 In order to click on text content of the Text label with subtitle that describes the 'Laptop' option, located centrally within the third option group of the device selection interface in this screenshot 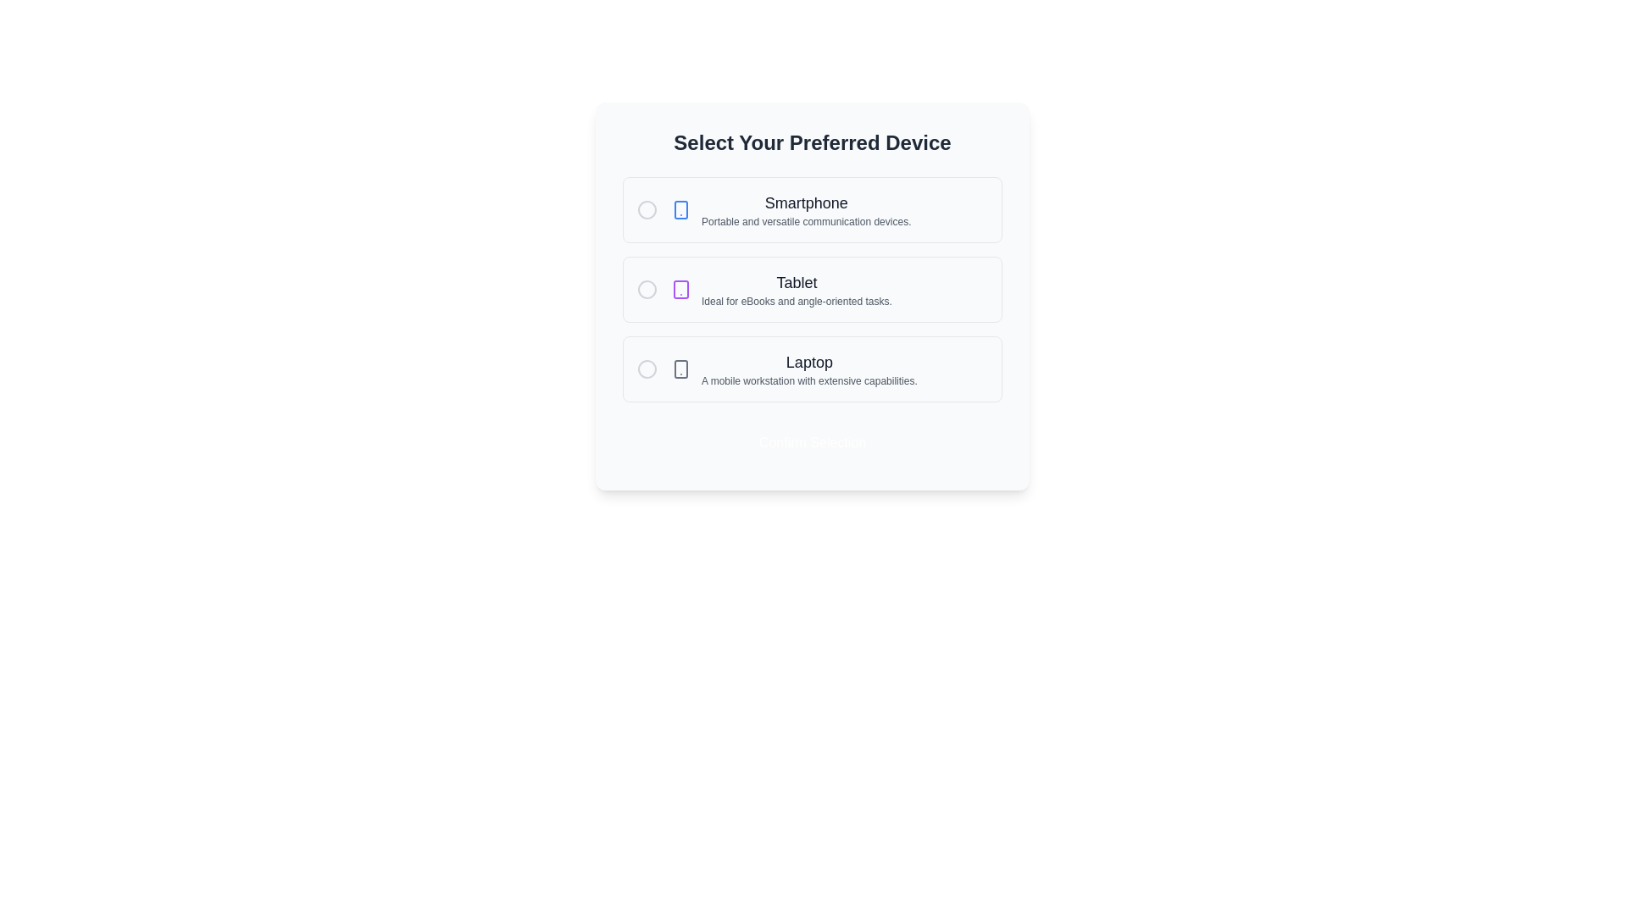, I will do `click(808, 368)`.